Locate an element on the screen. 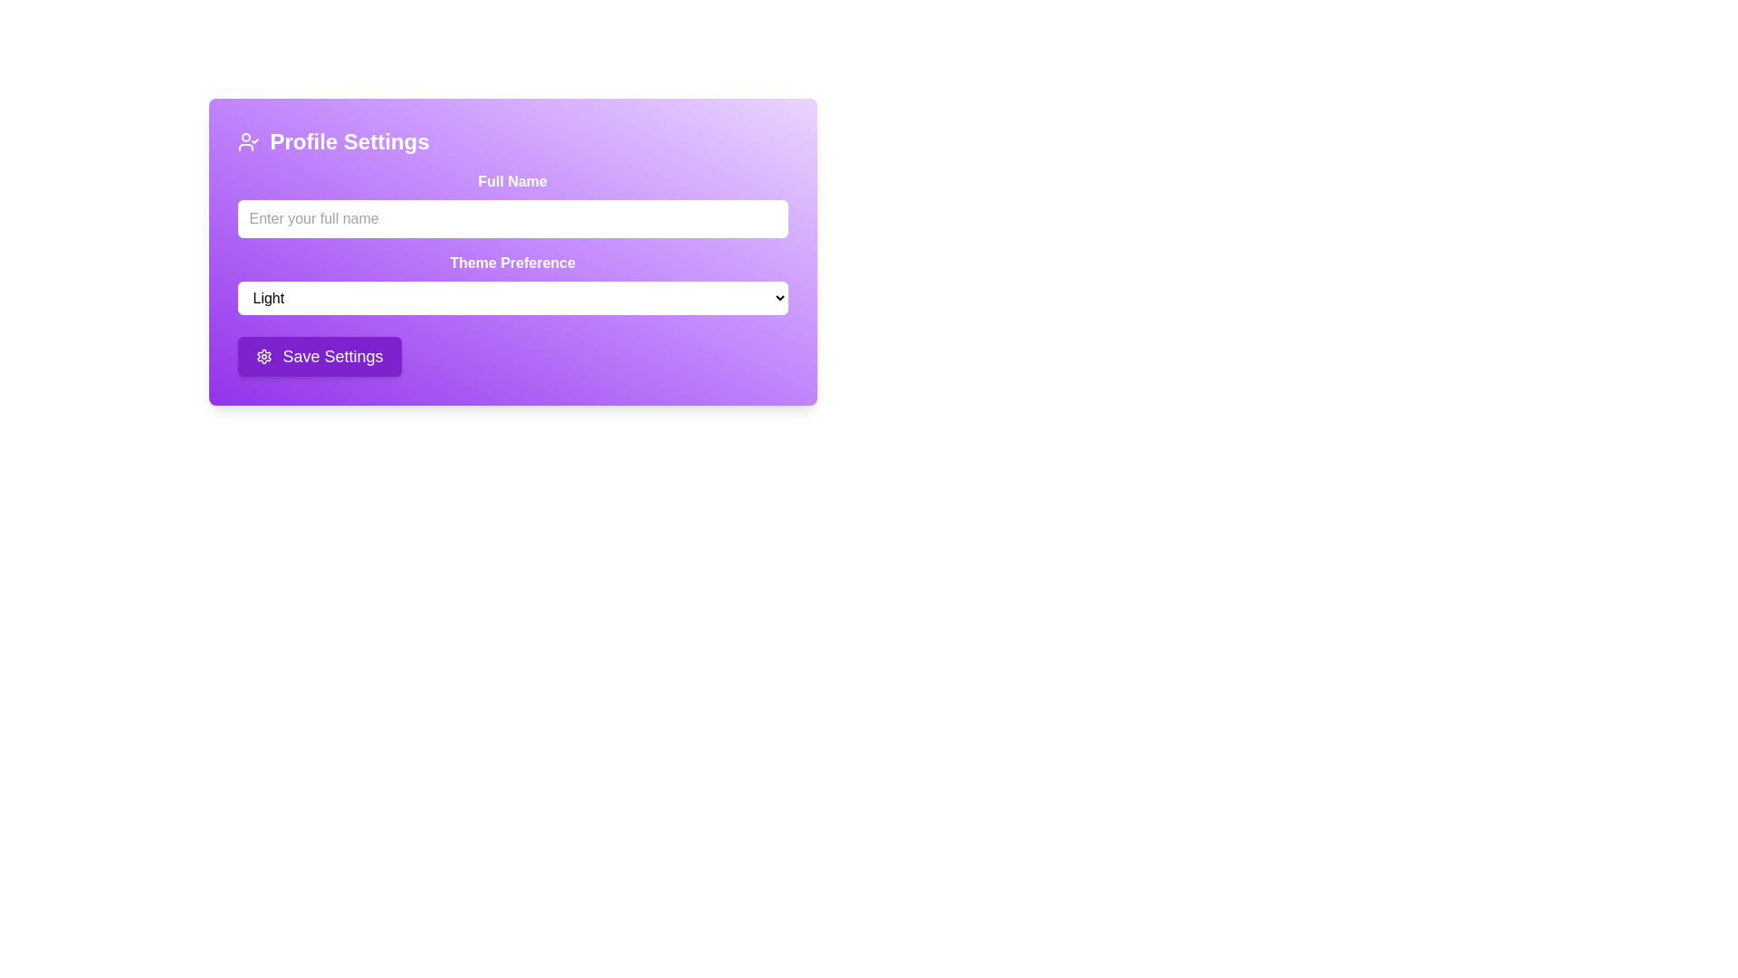  the purple gear-like SVG icon located on the left side of the 'Save Settings' button is located at coordinates (263, 356).